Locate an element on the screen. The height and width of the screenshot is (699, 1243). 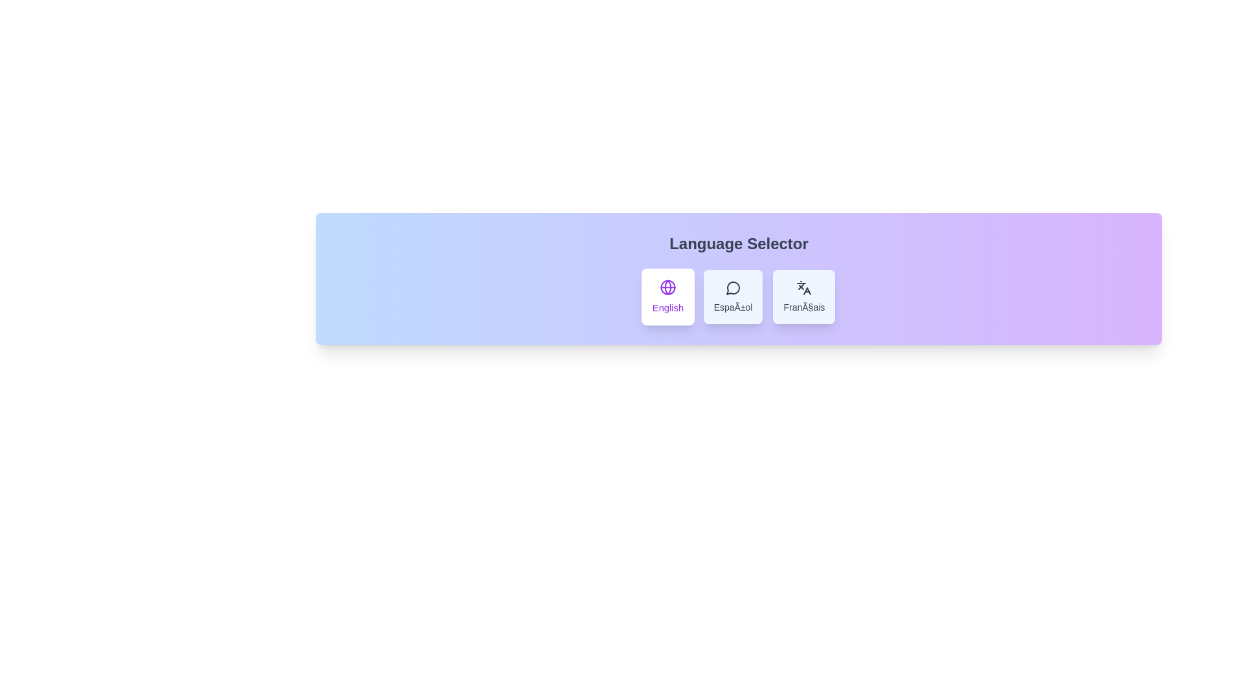
the English button to select the desired language is located at coordinates (667, 297).